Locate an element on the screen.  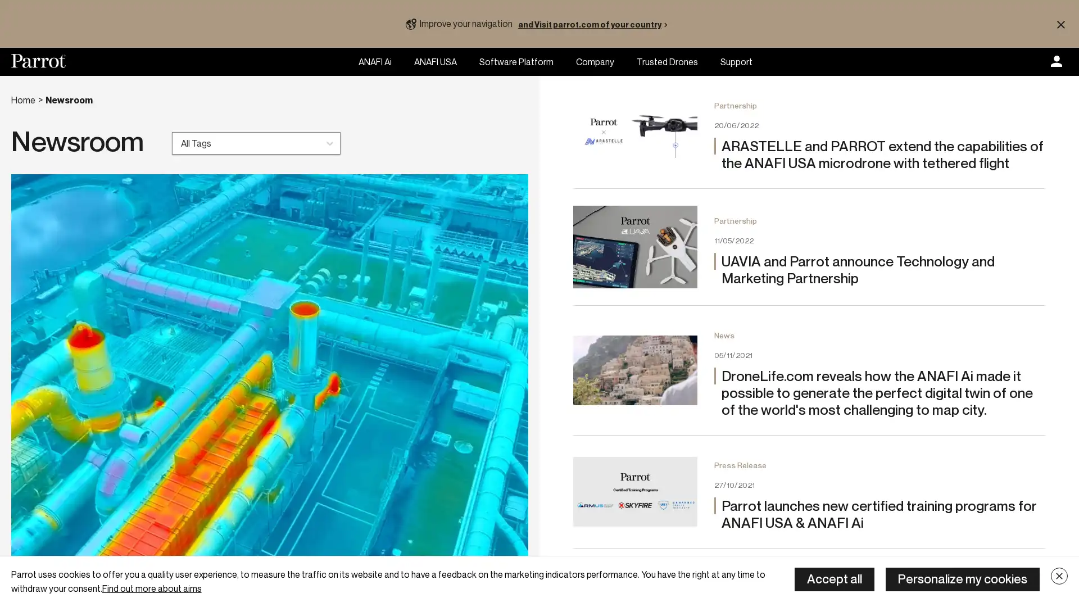
close is located at coordinates (1059, 576).